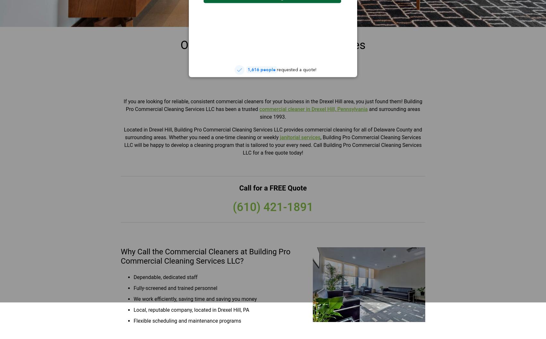  What do you see at coordinates (272, 188) in the screenshot?
I see `'Call for a FREE Quote'` at bounding box center [272, 188].